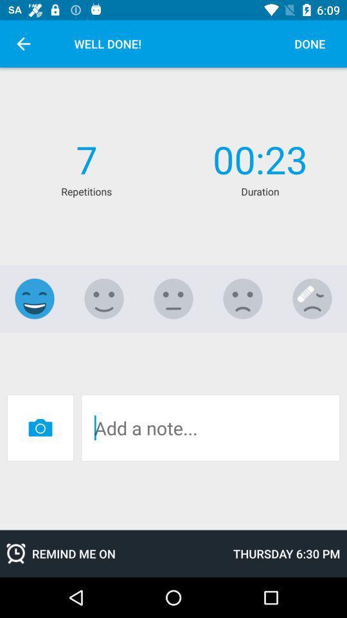 Image resolution: width=347 pixels, height=618 pixels. I want to click on item next to the thursday 6 30, so click(113, 553).